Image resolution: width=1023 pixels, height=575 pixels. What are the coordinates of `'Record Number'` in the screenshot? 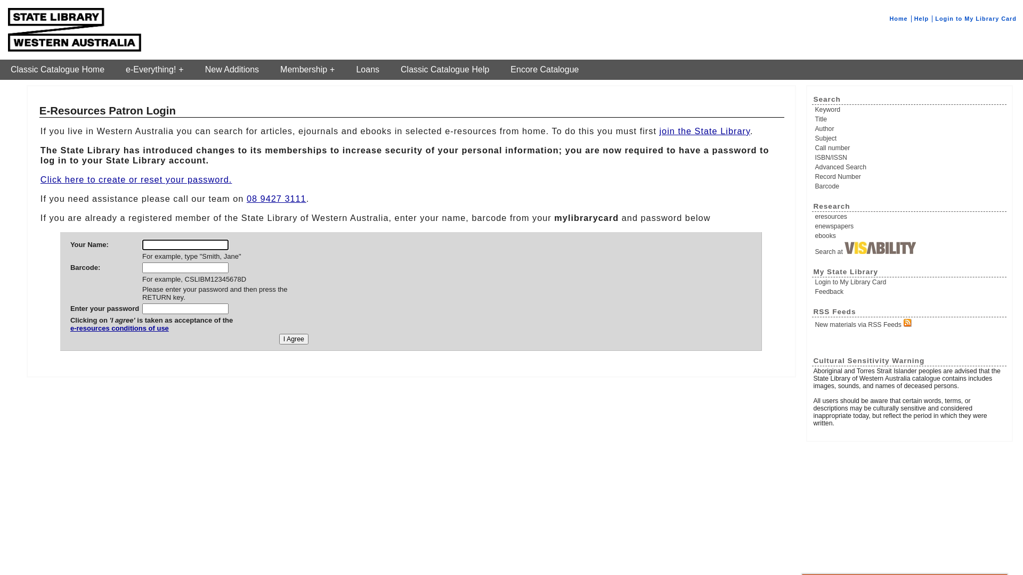 It's located at (814, 176).